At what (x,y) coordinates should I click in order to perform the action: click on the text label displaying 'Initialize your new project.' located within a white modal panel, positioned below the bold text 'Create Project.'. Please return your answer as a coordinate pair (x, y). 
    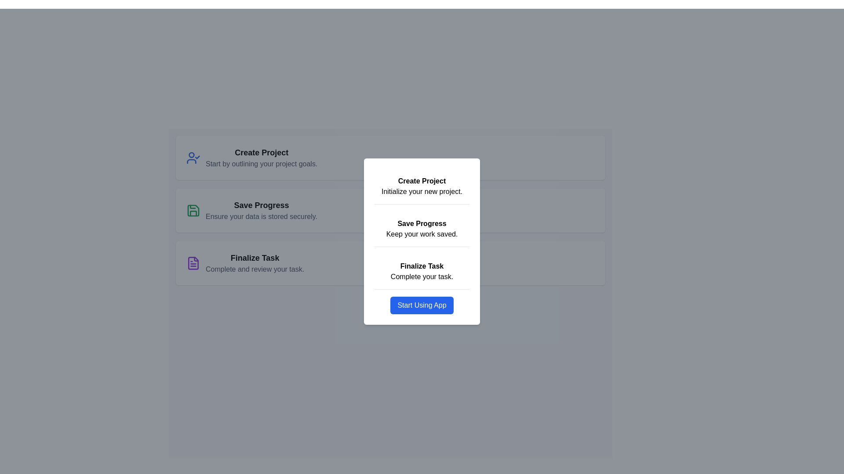
    Looking at the image, I should click on (422, 191).